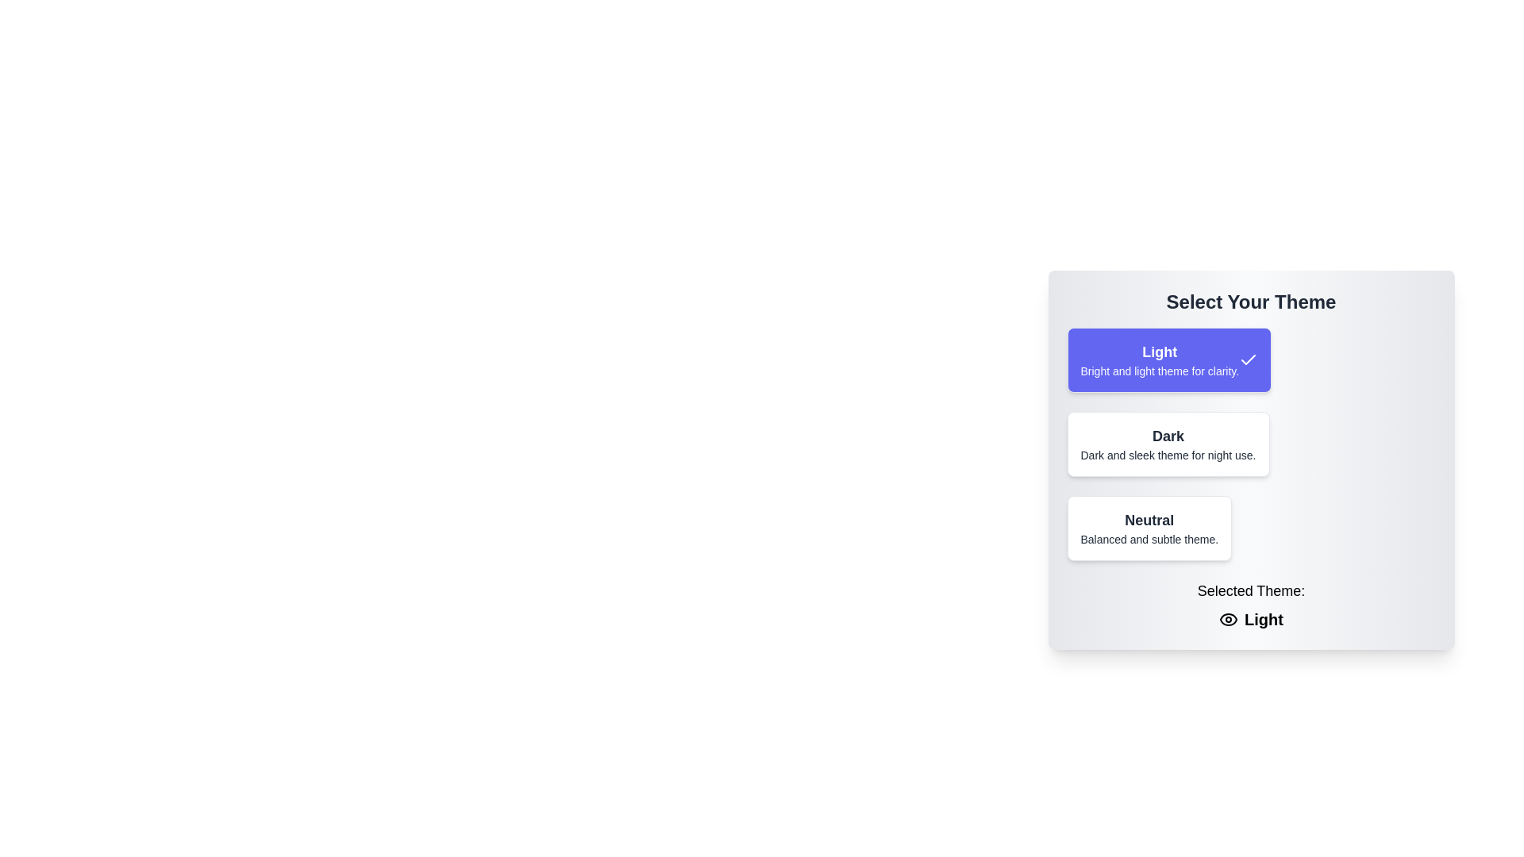 Image resolution: width=1524 pixels, height=857 pixels. Describe the element at coordinates (1169, 360) in the screenshot. I see `the 'Light' theme selection button, which is the first item in the list of theme options located in the central portion of the interface` at that location.